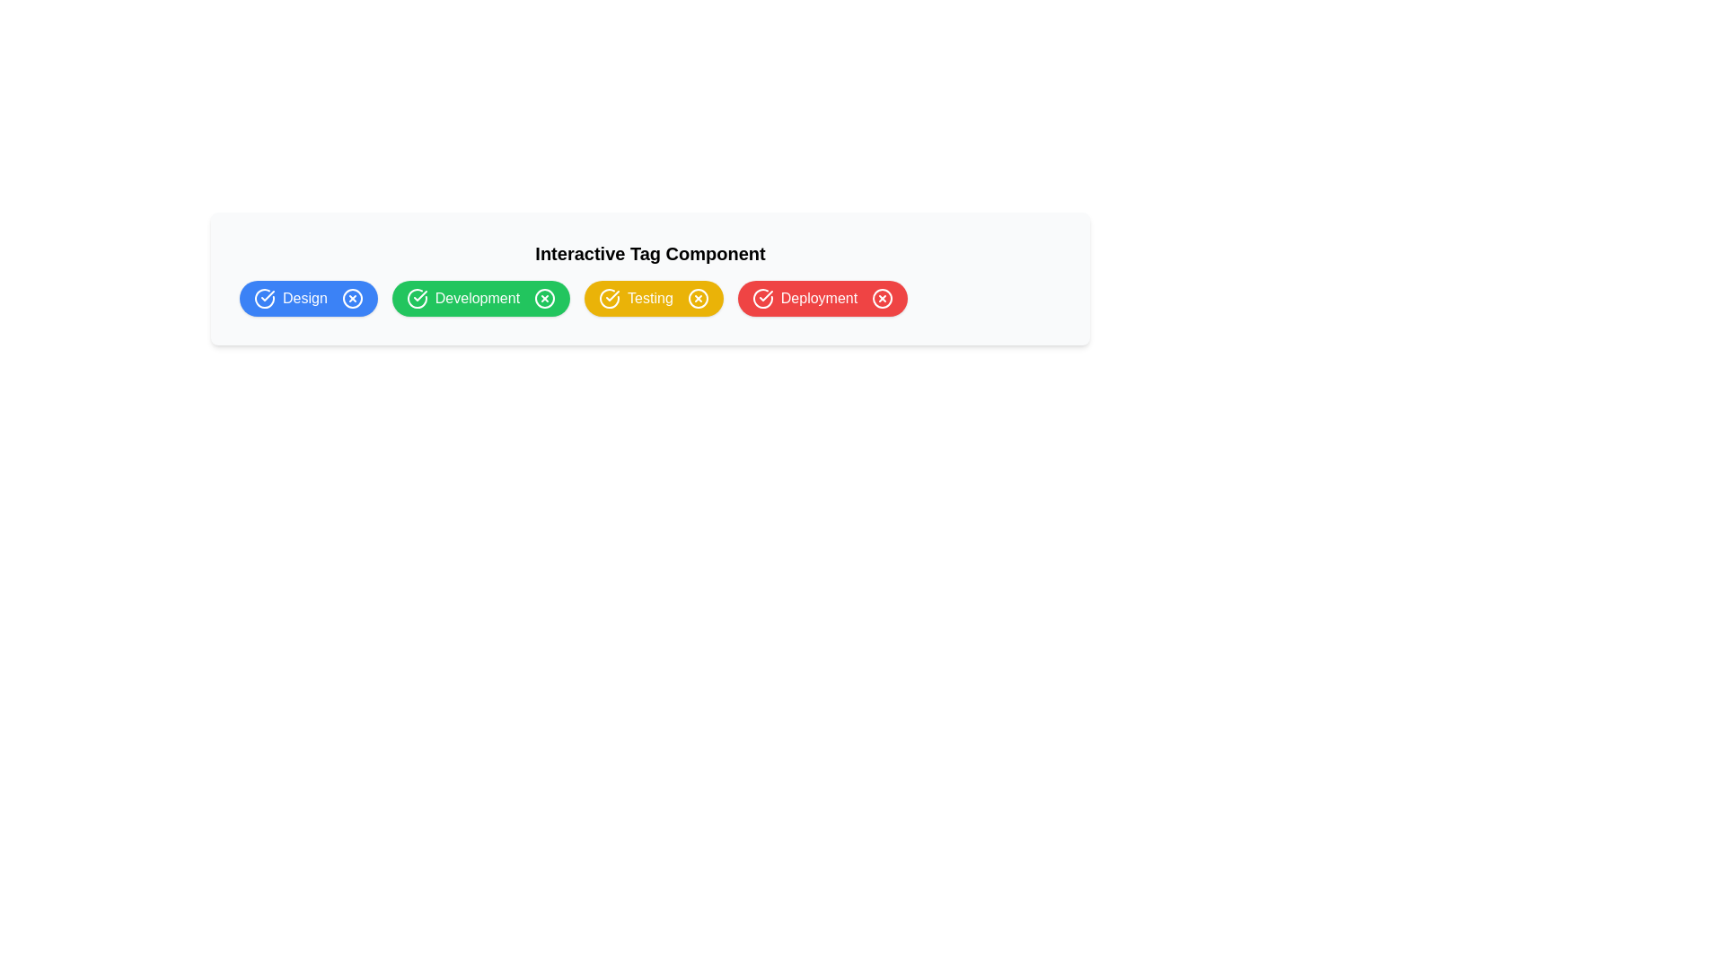 The image size is (1724, 969). Describe the element at coordinates (822, 297) in the screenshot. I see `the red pill-shaped button labeled 'Deployment'` at that location.